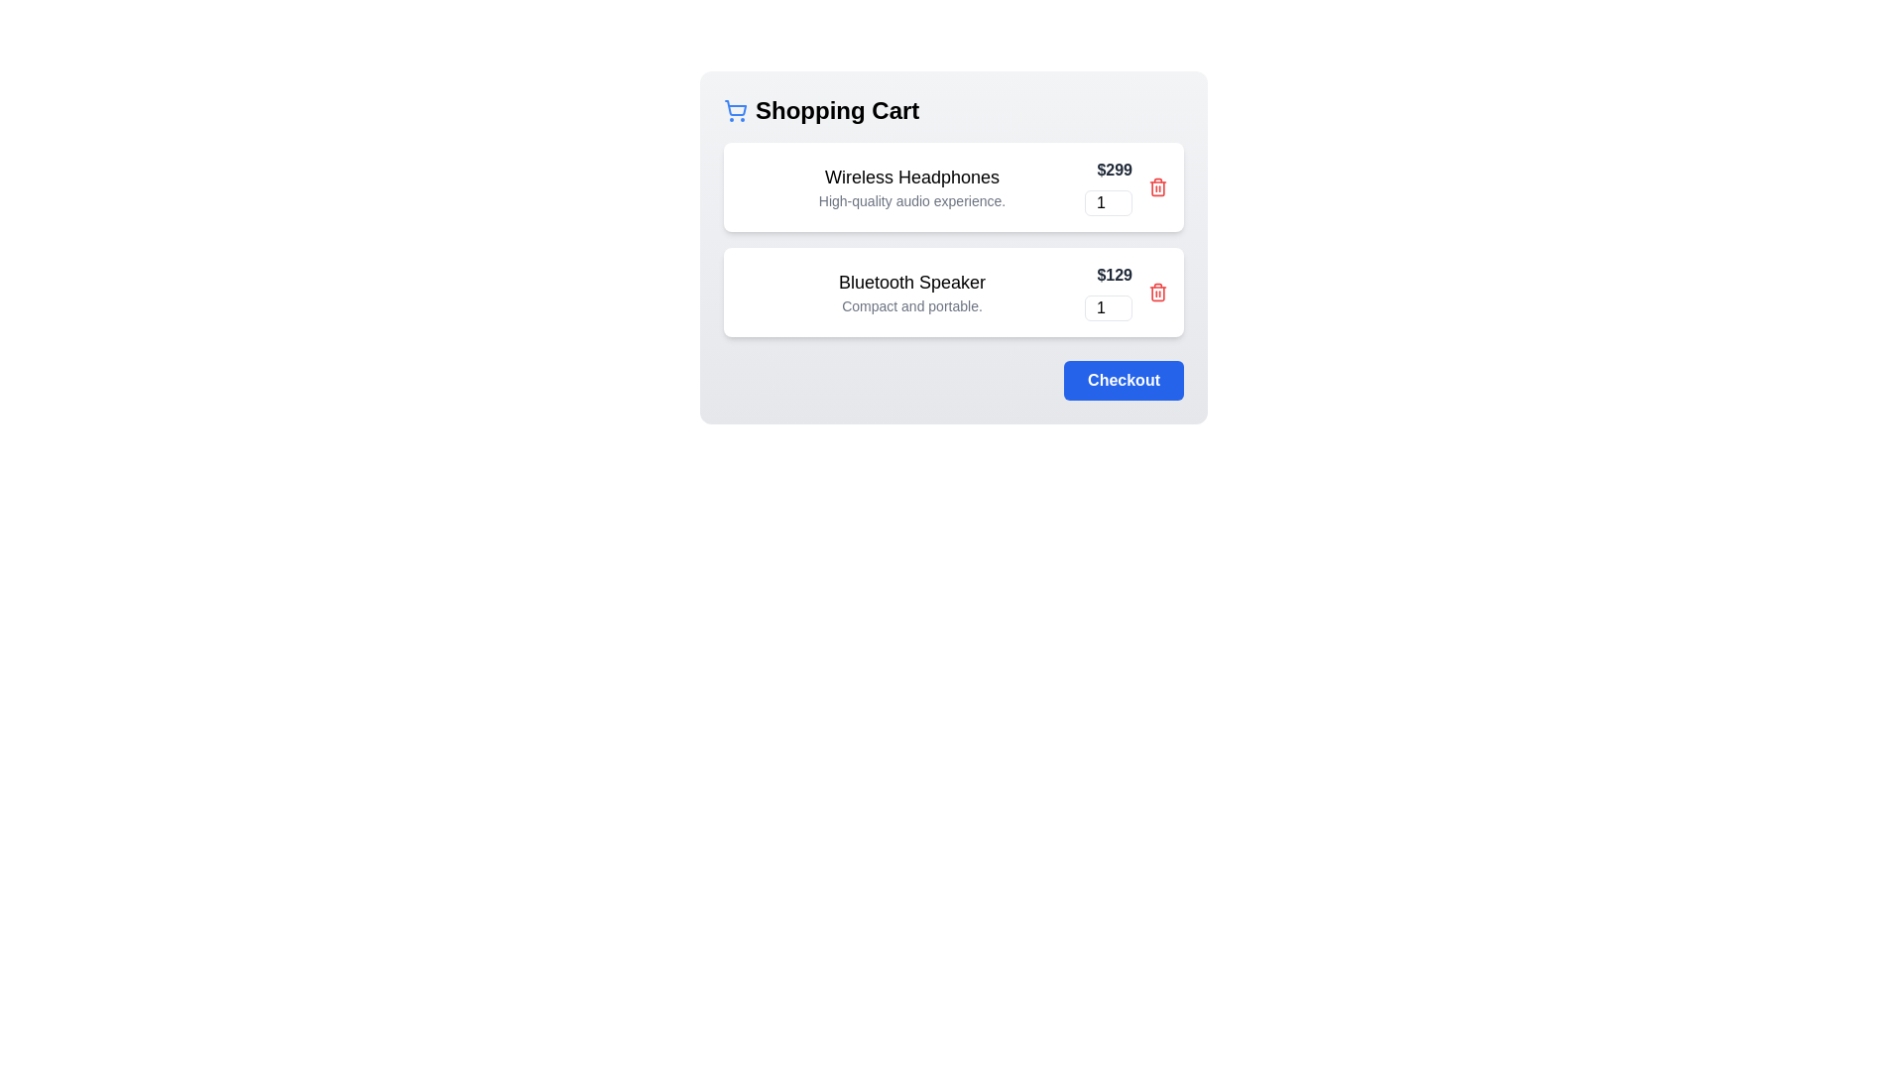 The width and height of the screenshot is (1904, 1071). I want to click on the item name to view its details, so click(911, 176).